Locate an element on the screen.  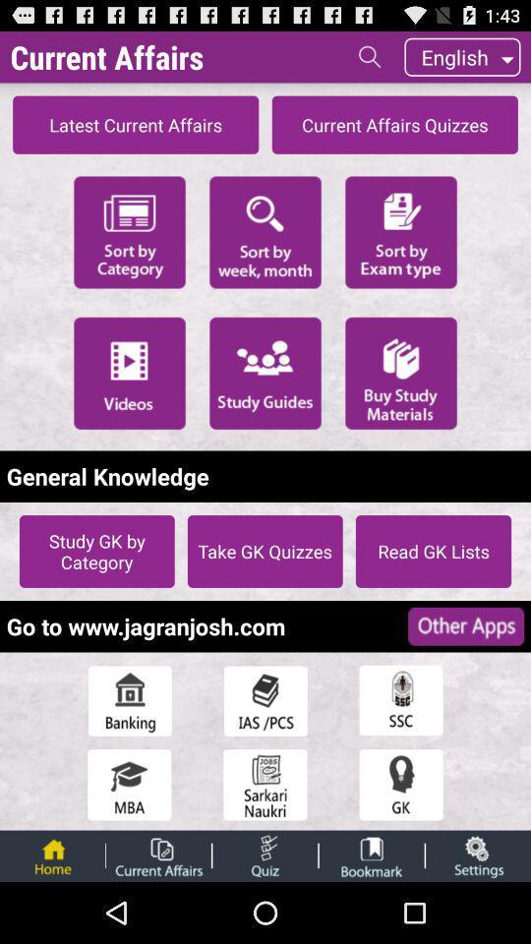
sarkari naukri button is located at coordinates (265, 785).